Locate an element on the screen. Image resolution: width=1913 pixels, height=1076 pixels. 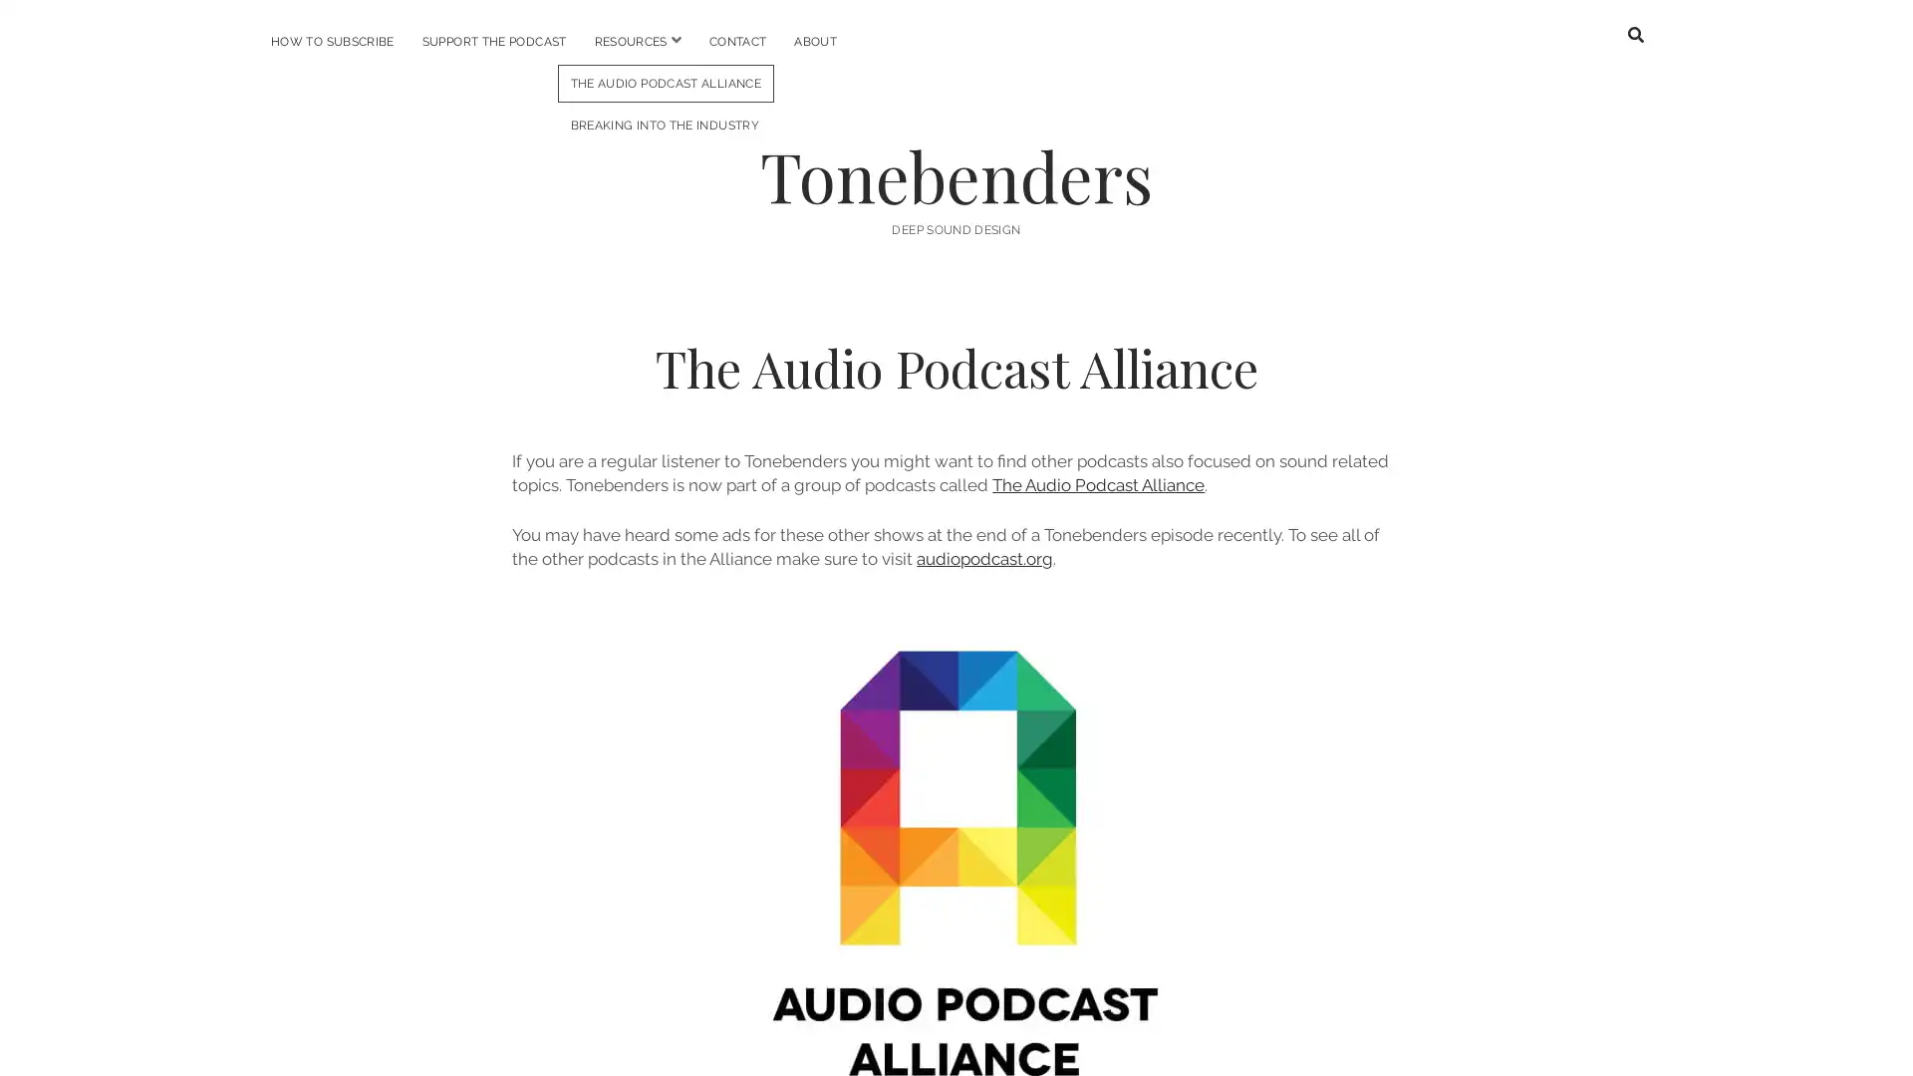
open menu is located at coordinates (675, 40).